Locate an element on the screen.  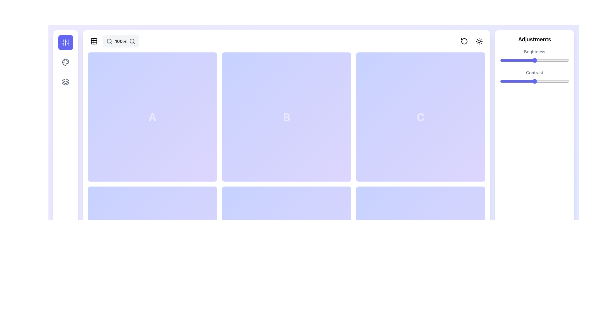
the text display element labeled '100%' that is styled within a light grey rounded rectangle, located in the top center-left of the application's header toolbar is located at coordinates (113, 41).